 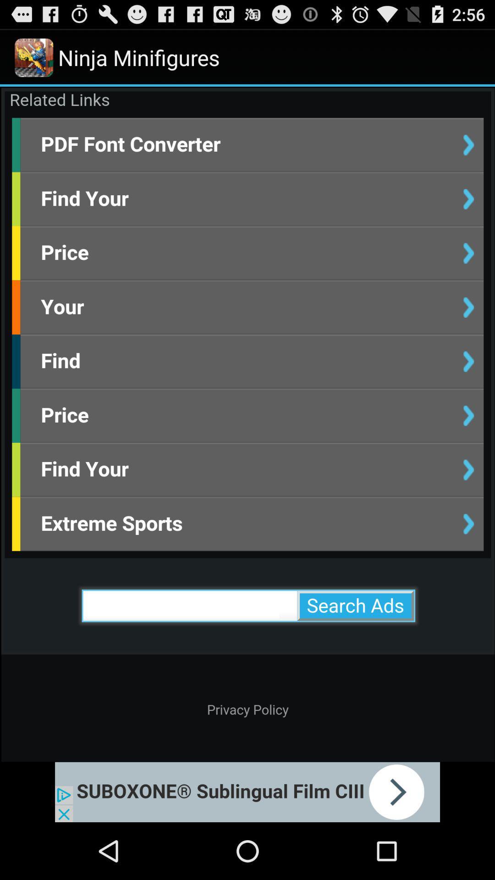 I want to click on click on advertisement, so click(x=247, y=792).